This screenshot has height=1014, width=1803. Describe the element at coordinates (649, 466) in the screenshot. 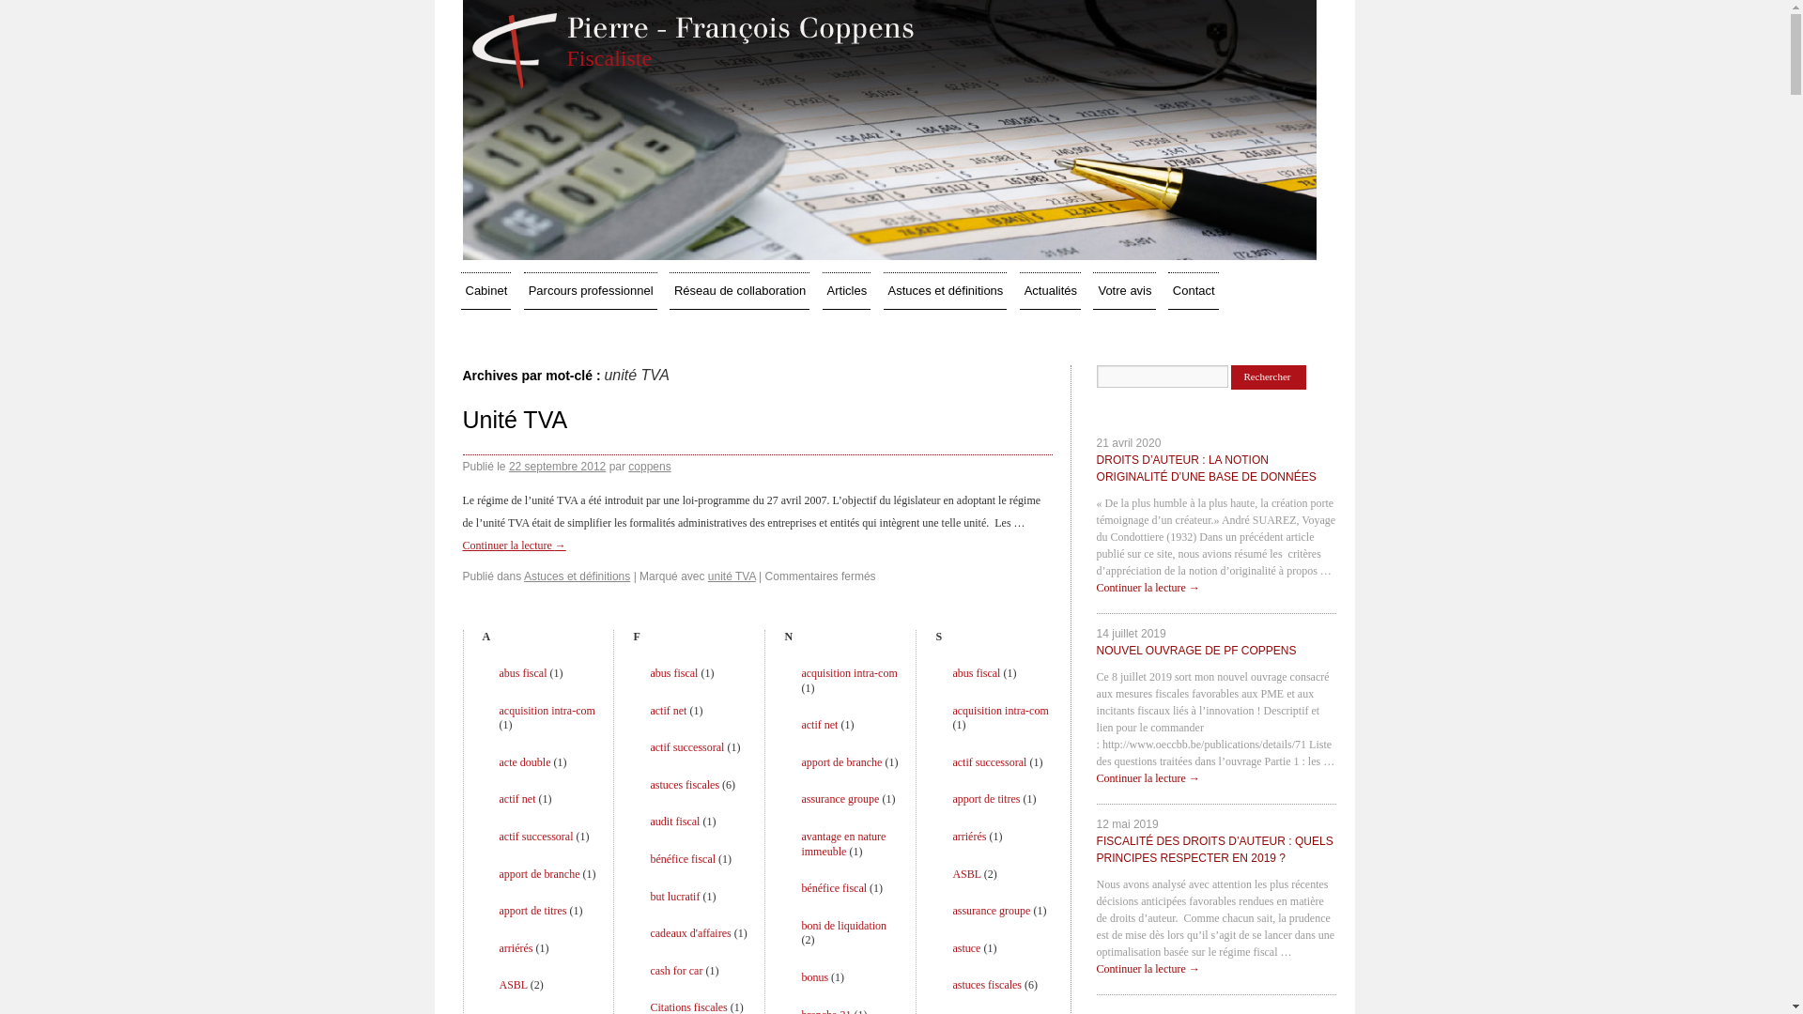

I see `'coppens'` at that location.